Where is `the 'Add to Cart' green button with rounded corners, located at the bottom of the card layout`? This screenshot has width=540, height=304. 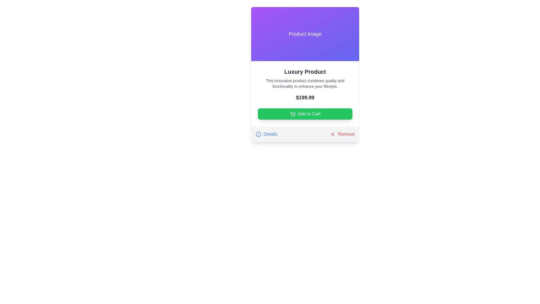 the 'Add to Cart' green button with rounded corners, located at the bottom of the card layout is located at coordinates (305, 114).